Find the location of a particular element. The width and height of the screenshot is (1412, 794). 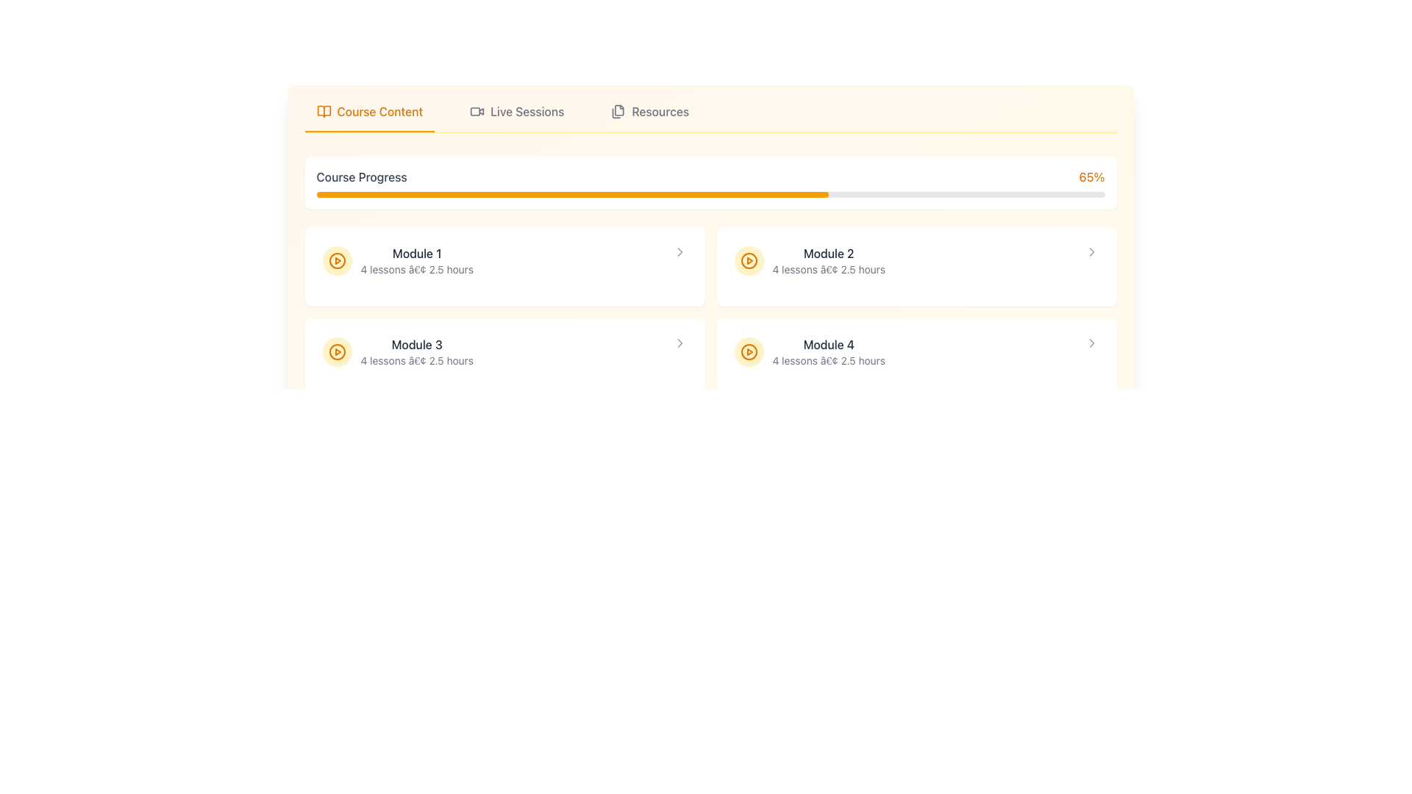

the text label that provides information about the number of lessons and total duration of the module, located in the third module card under 'Module 3' is located at coordinates (416, 360).